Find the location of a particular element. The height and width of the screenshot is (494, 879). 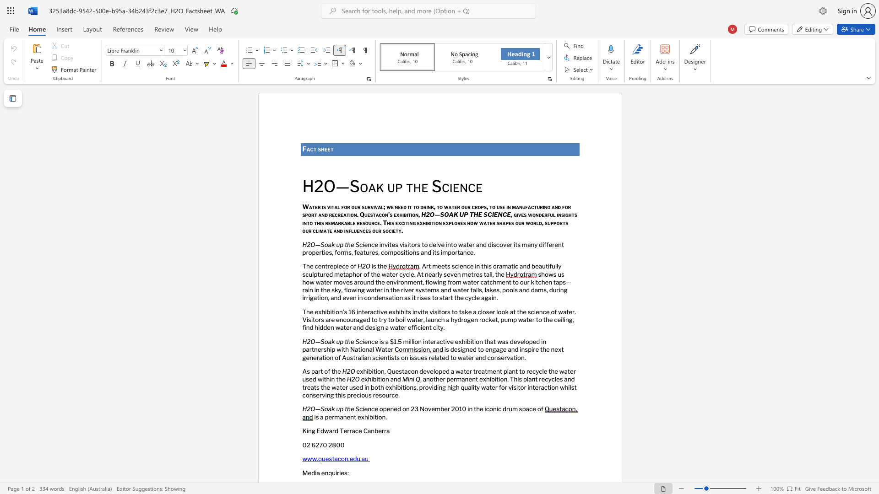

the space between the continuous character "f" and "l" in the text is located at coordinates (351, 230).